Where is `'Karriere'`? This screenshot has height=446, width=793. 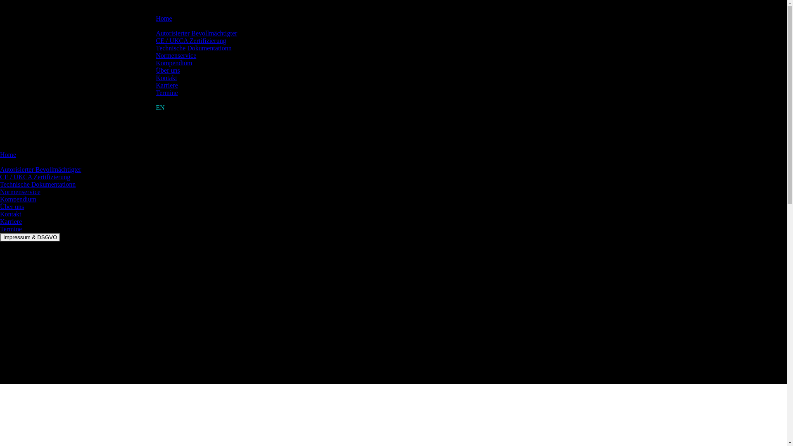 'Karriere' is located at coordinates (156, 85).